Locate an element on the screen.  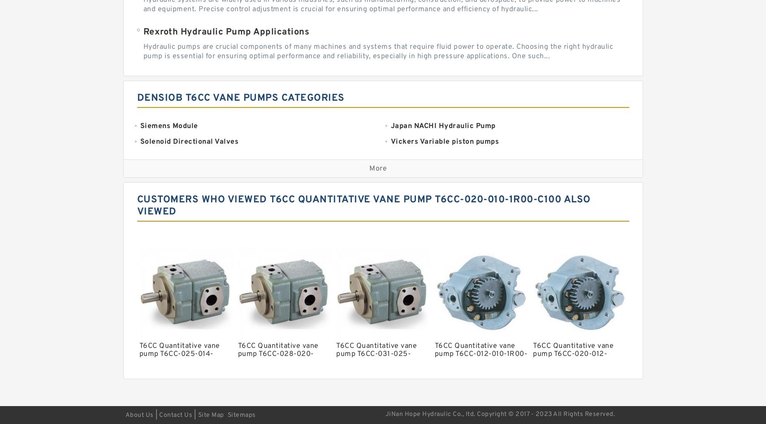
'Site Map' is located at coordinates (210, 414).